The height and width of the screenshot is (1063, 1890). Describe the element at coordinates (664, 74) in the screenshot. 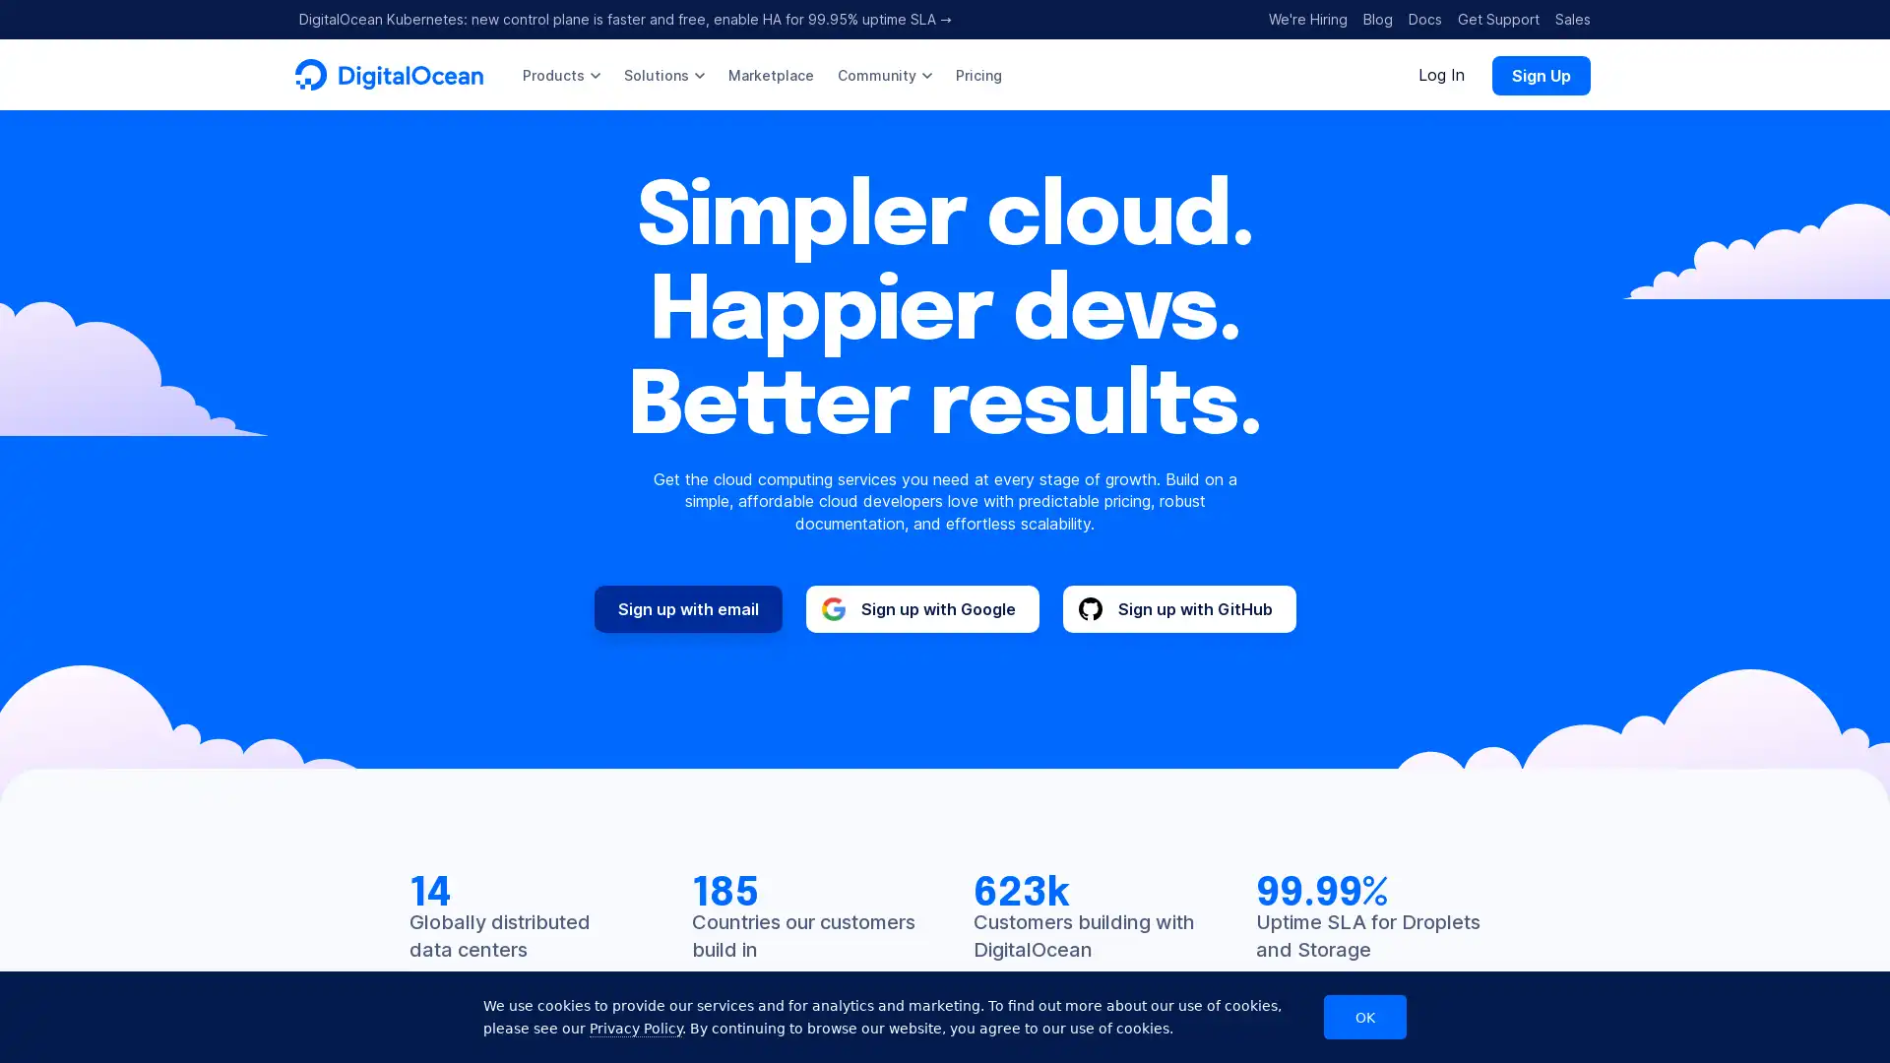

I see `Solutions` at that location.